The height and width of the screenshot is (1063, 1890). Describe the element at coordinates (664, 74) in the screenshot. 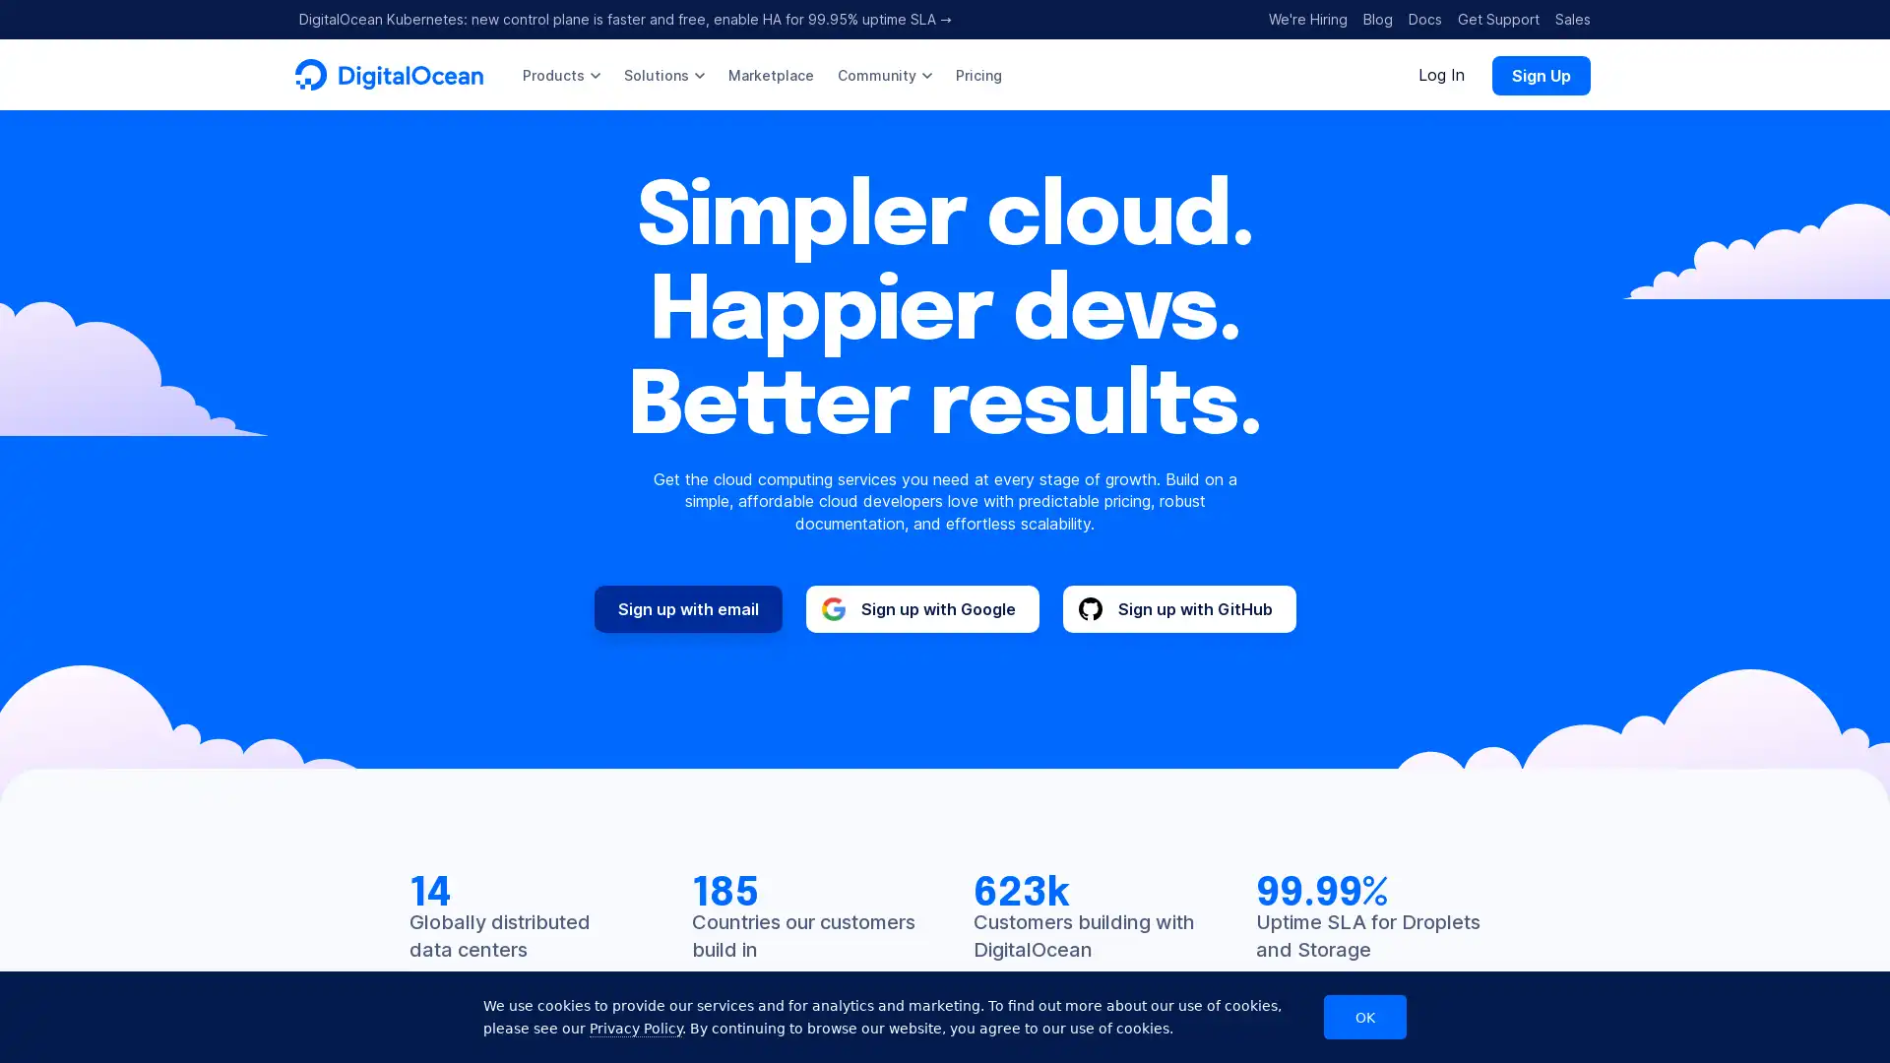

I see `Solutions` at that location.